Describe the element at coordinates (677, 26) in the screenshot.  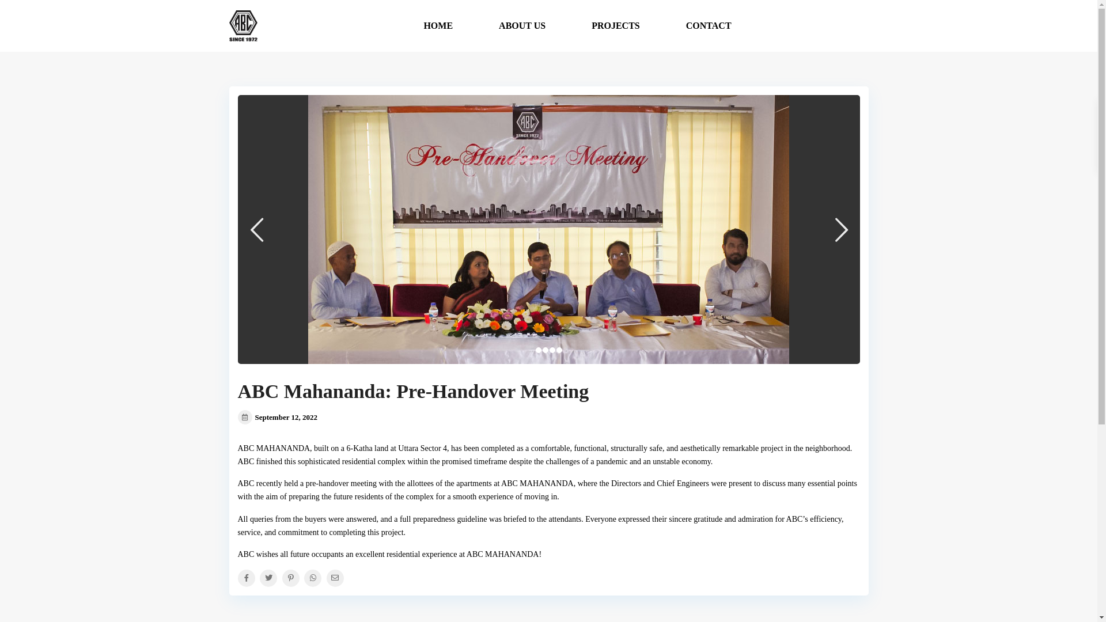
I see `'CONTACT'` at that location.